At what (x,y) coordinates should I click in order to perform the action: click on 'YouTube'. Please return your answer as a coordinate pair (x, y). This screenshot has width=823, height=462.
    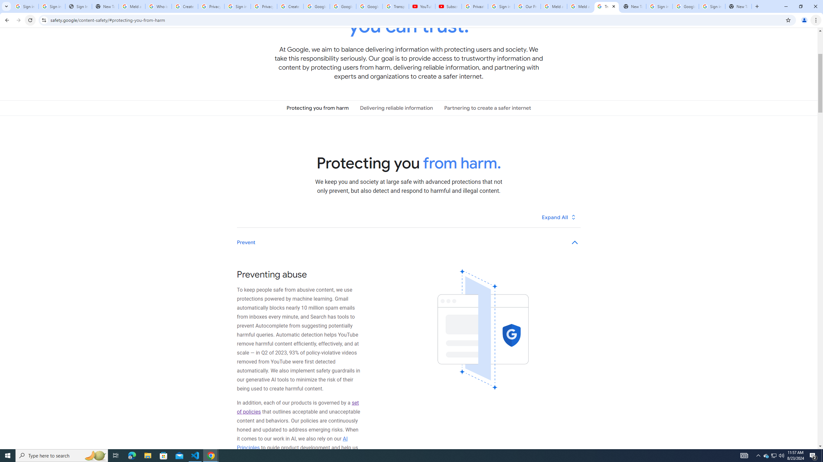
    Looking at the image, I should click on (422, 6).